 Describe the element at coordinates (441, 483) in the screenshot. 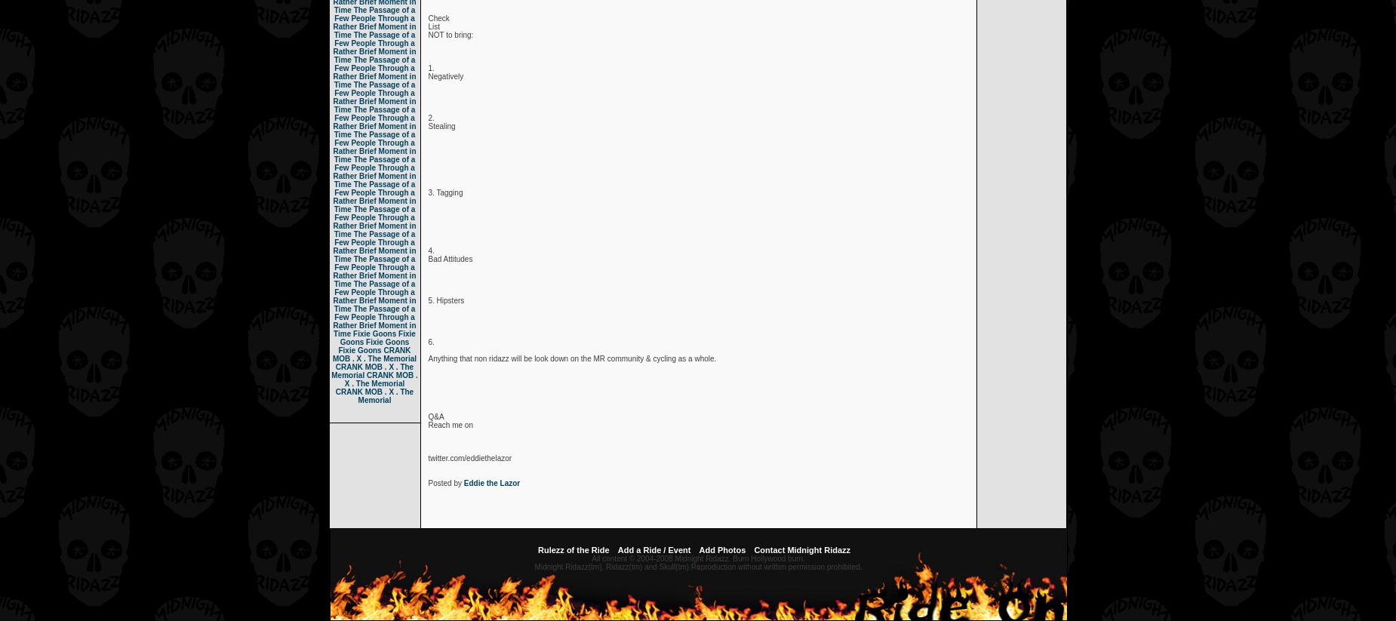

I see `'Posted'` at that location.